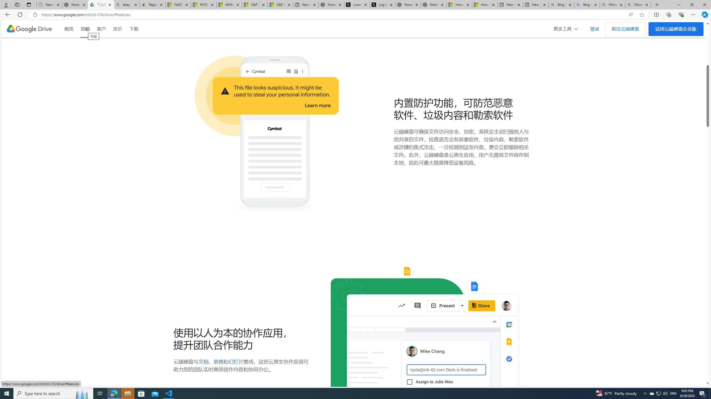  What do you see at coordinates (587, 4) in the screenshot?
I see `'Bing AI - Search'` at bounding box center [587, 4].